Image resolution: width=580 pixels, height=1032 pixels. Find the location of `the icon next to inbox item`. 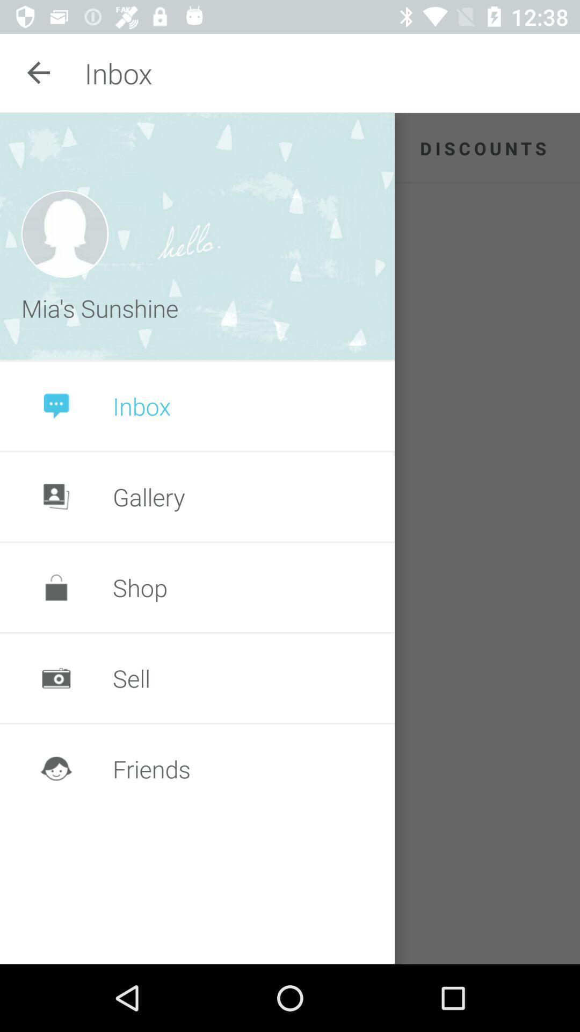

the icon next to inbox item is located at coordinates (39, 73).